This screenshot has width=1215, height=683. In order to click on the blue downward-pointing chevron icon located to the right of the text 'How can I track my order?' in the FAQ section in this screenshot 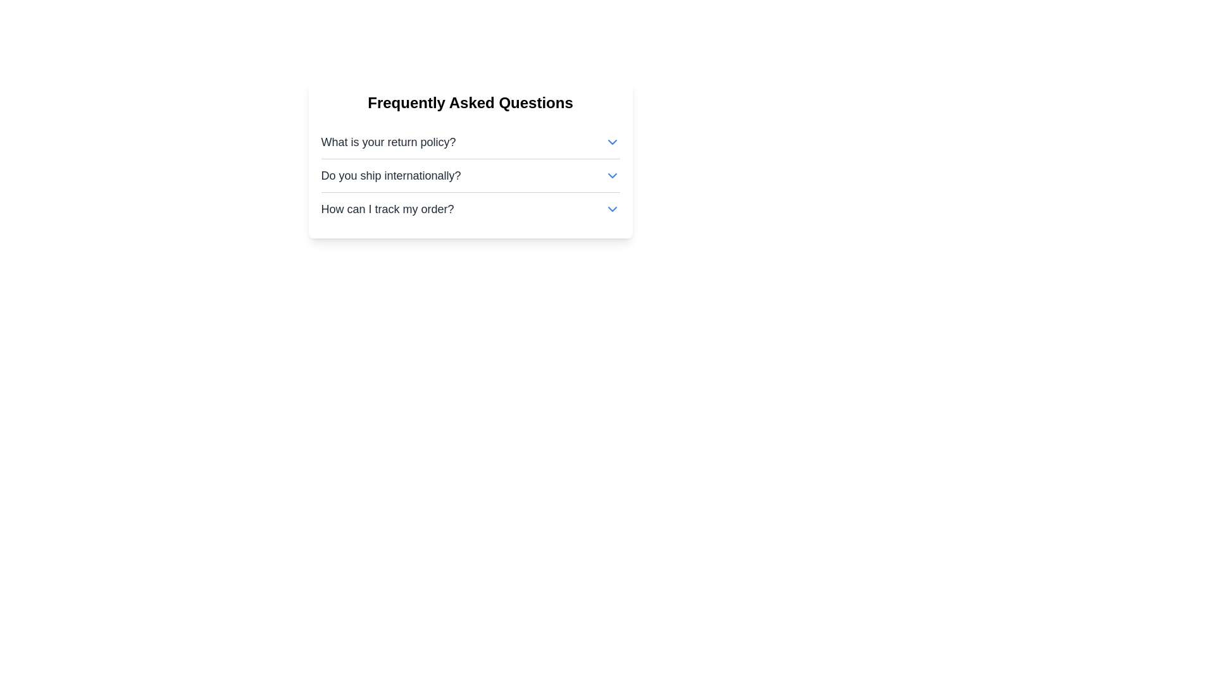, I will do `click(612, 209)`.